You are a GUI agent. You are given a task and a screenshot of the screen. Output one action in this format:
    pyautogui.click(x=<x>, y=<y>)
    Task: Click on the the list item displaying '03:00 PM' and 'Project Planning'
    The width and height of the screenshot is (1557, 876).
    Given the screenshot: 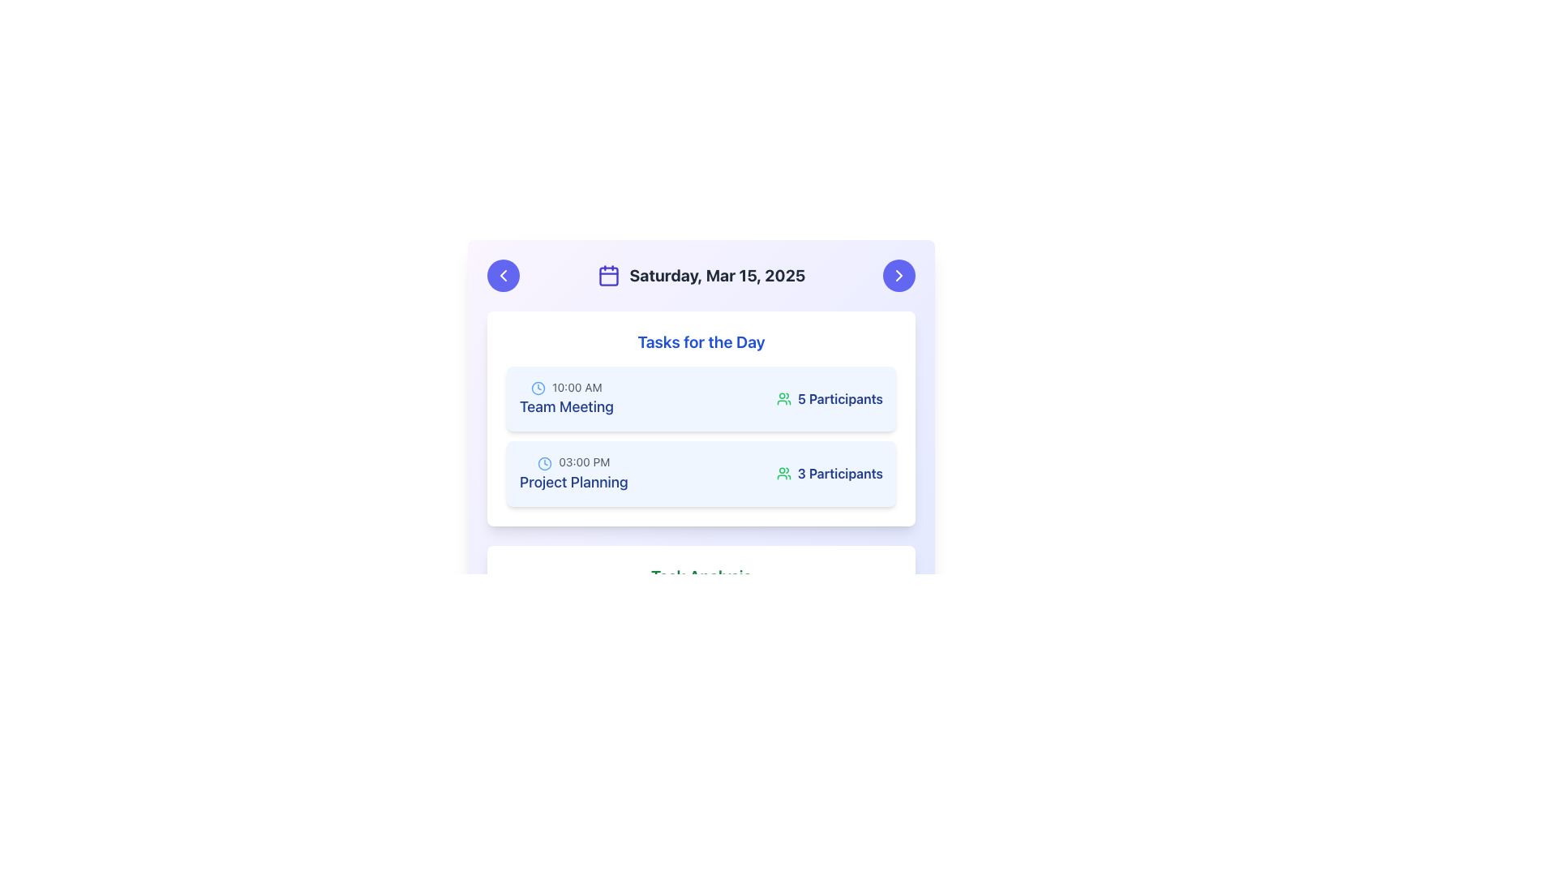 What is the action you would take?
    pyautogui.click(x=573, y=474)
    